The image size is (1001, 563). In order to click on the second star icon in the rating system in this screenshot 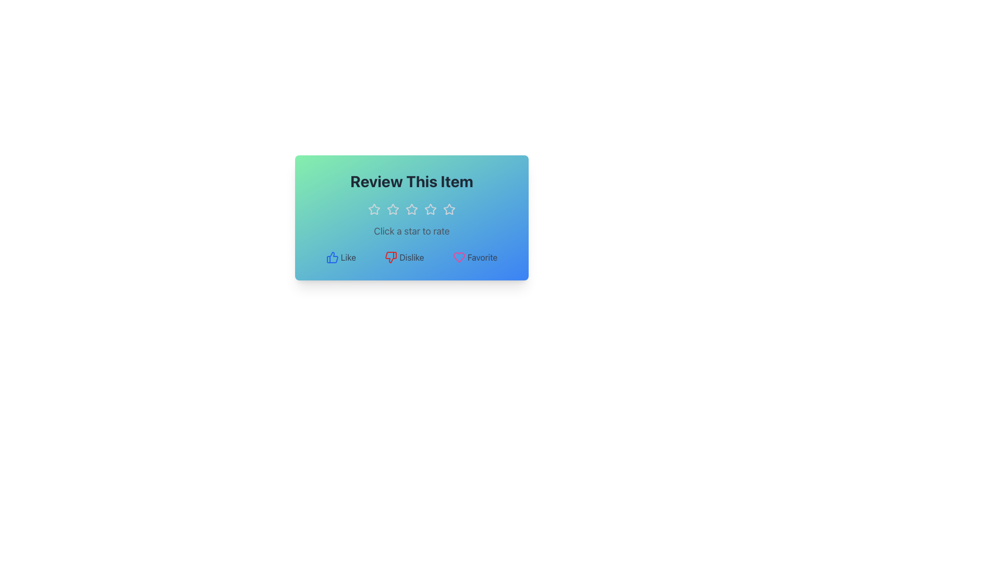, I will do `click(392, 209)`.